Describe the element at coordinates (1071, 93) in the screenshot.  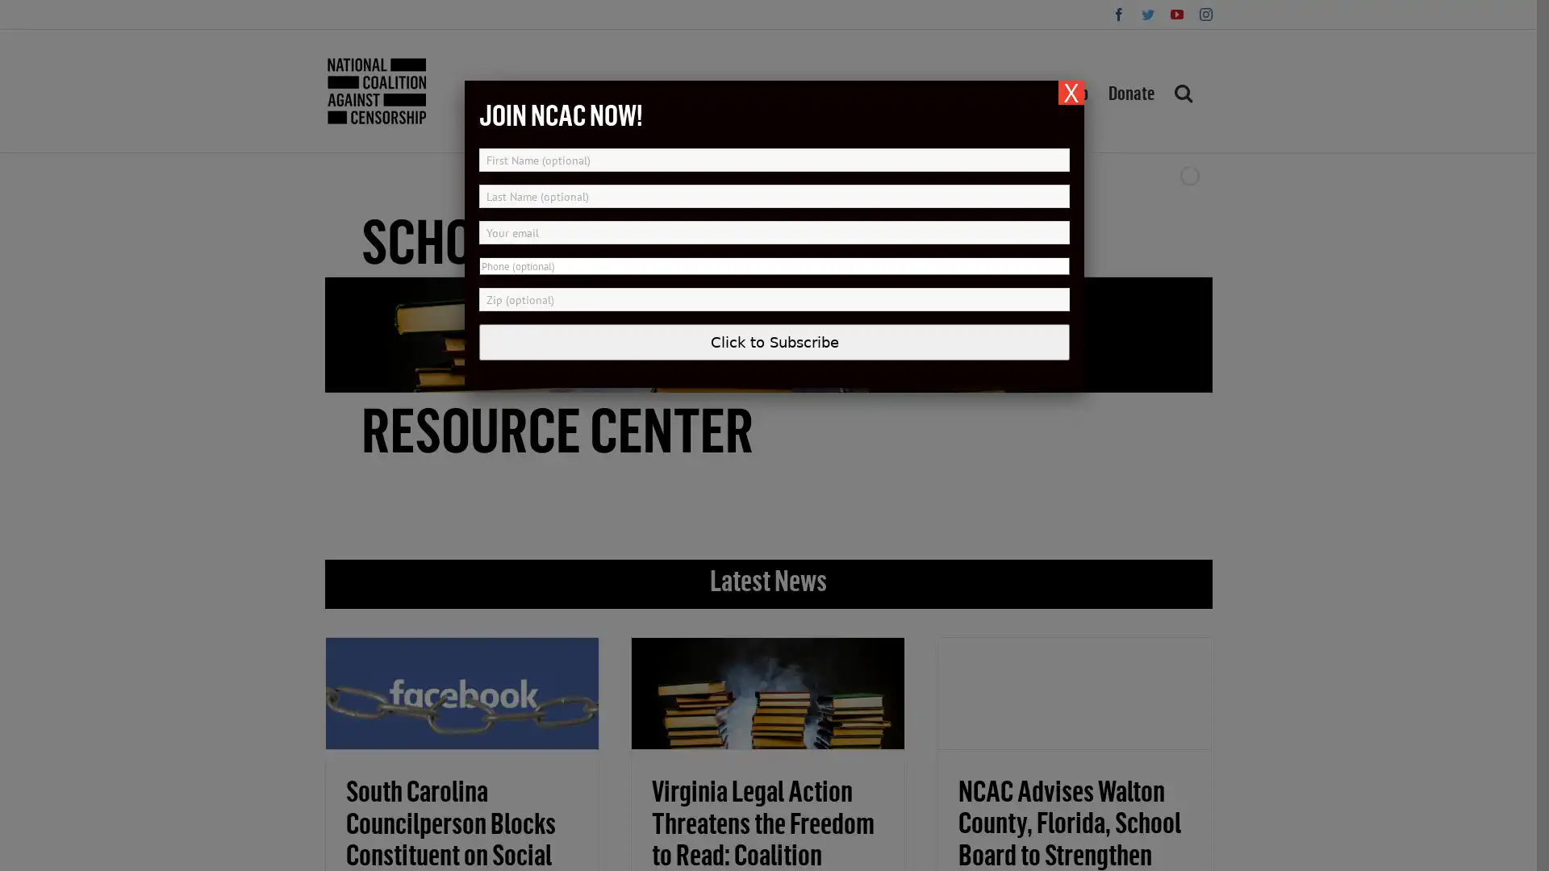
I see `Close` at that location.